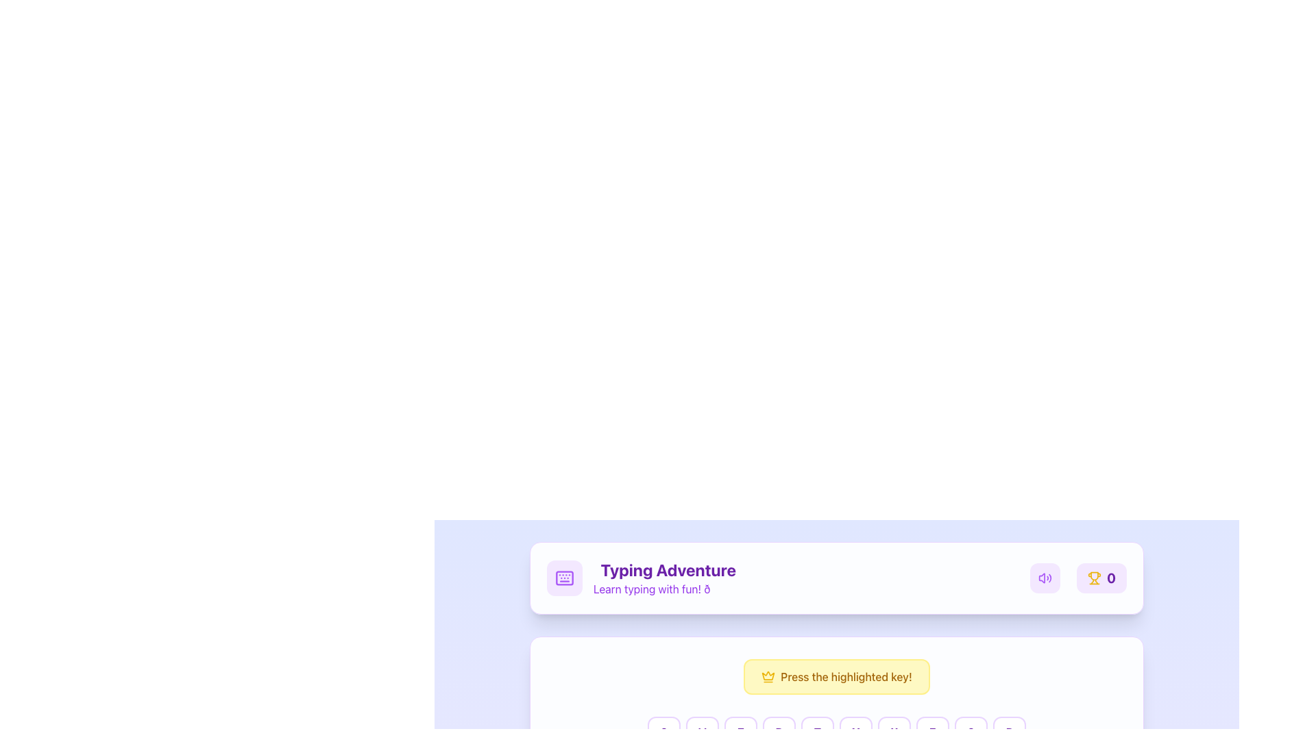  Describe the element at coordinates (565, 578) in the screenshot. I see `the rectangular graphical element within the purple-themed keyboard icon, which is located at the center of the icon, positioned to the left of the 'Typing Adventure' text box` at that location.